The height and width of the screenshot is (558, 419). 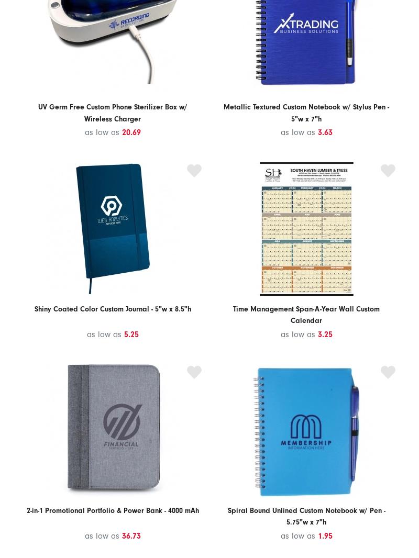 I want to click on '3.25', so click(x=325, y=333).